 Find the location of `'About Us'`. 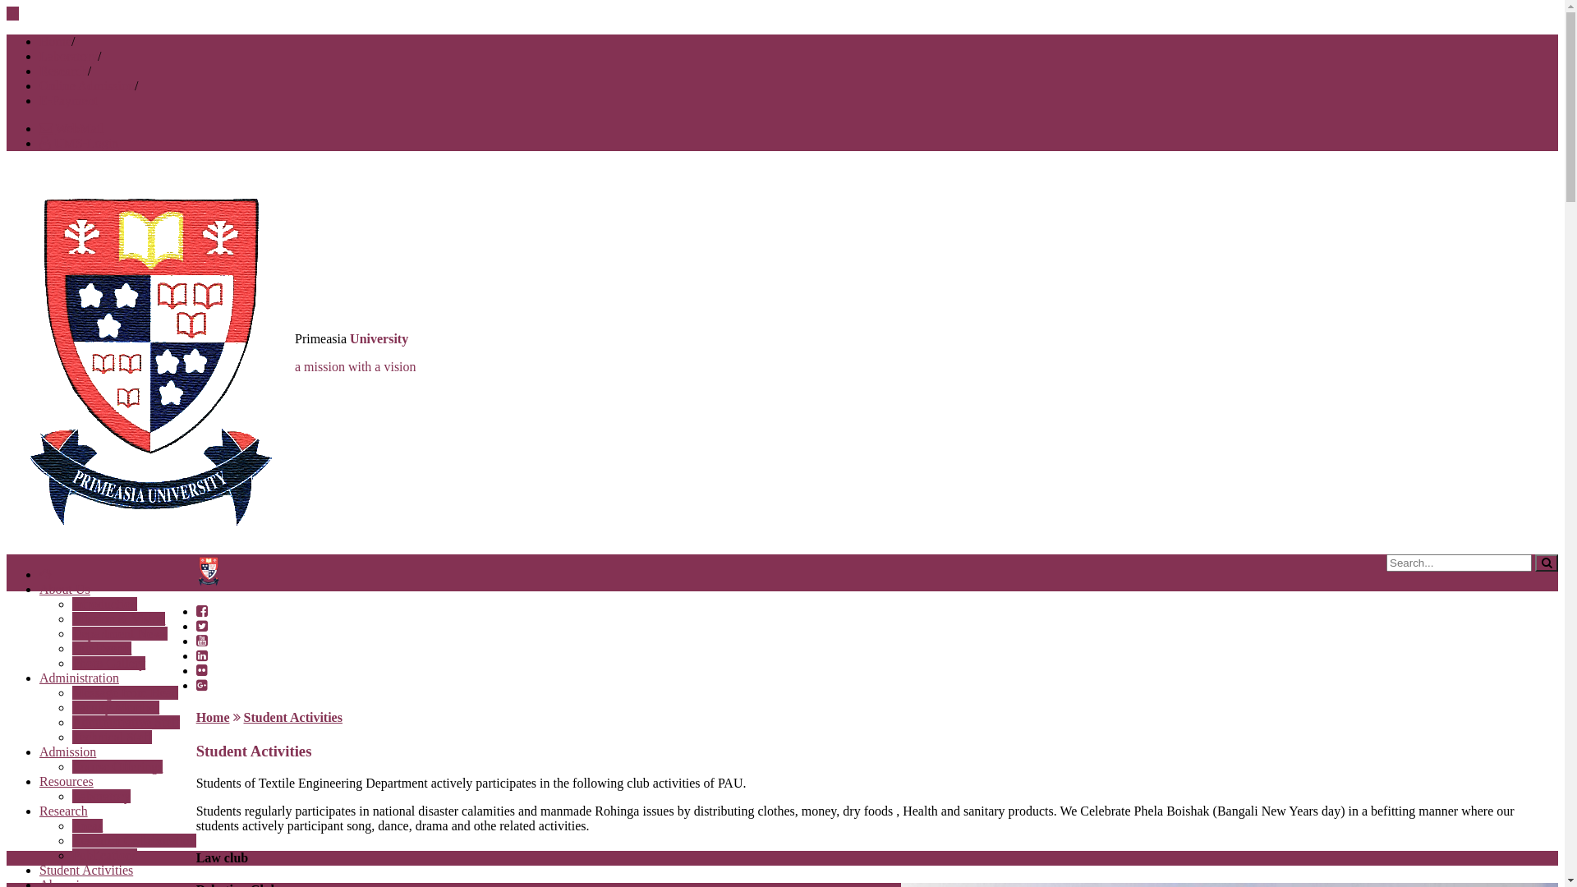

'About Us' is located at coordinates (64, 588).